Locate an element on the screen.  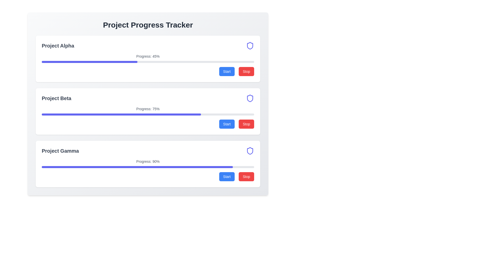
the 'Start' button located at the bottom right corner of the 'Project Gamma' area to initiate the process is located at coordinates (227, 176).